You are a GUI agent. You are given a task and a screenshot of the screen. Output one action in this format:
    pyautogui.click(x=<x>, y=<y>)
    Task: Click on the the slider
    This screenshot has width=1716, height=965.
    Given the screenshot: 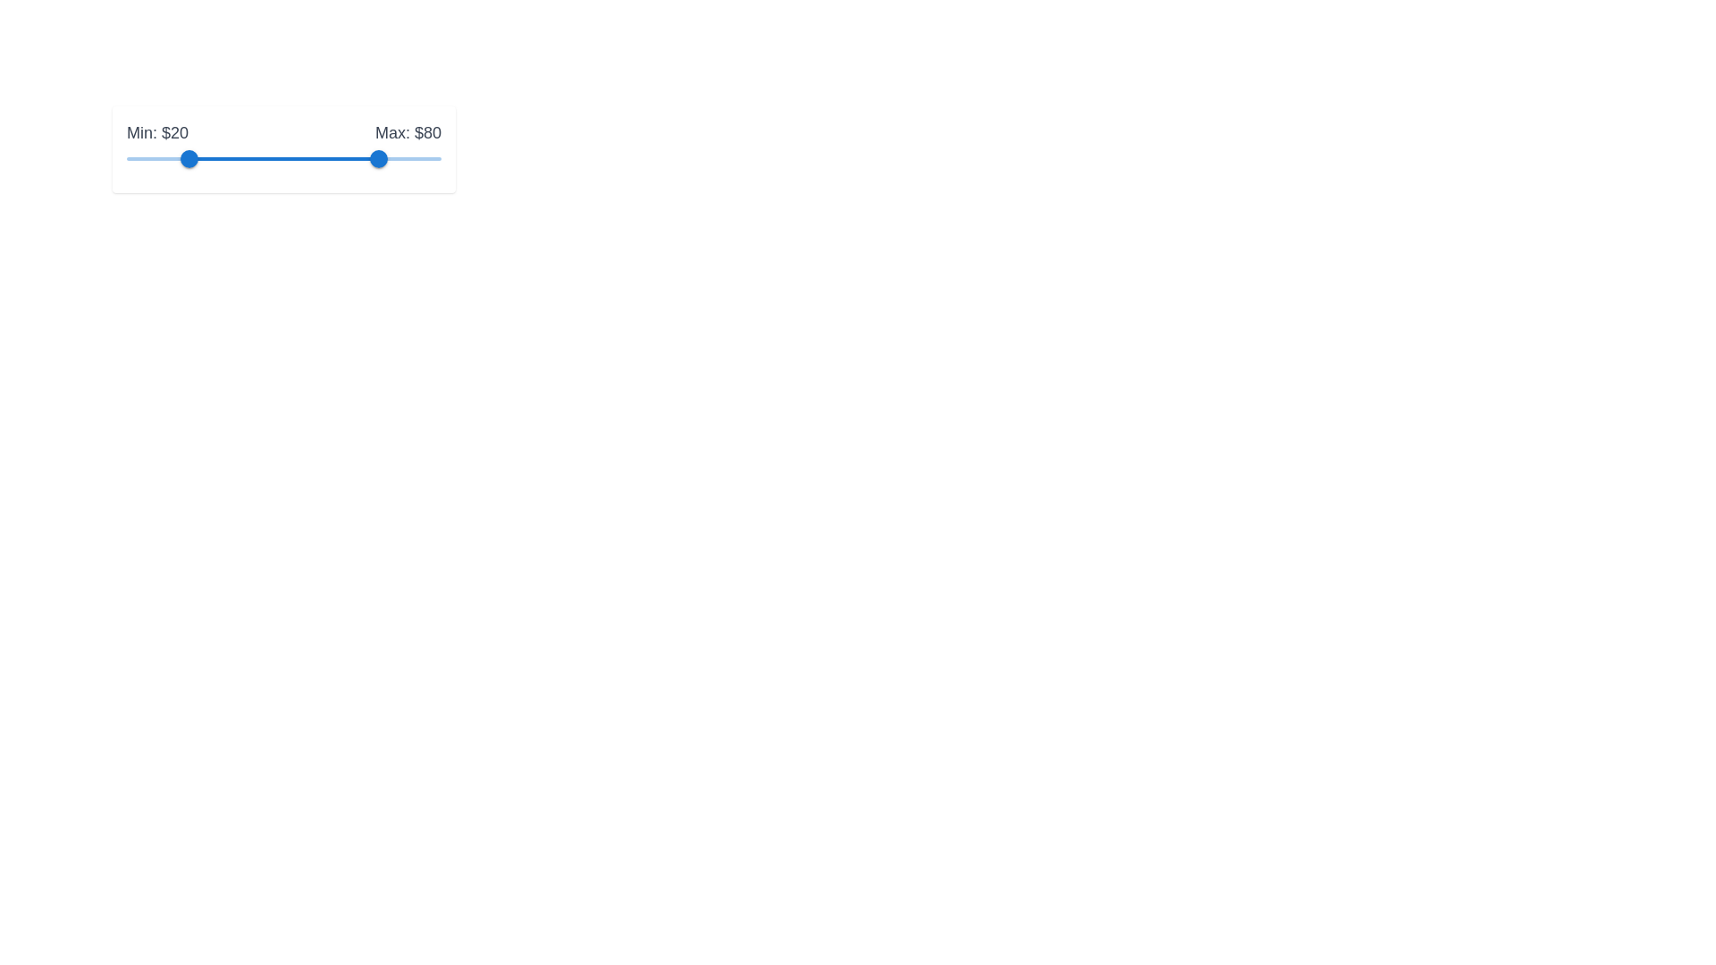 What is the action you would take?
    pyautogui.click(x=322, y=157)
    